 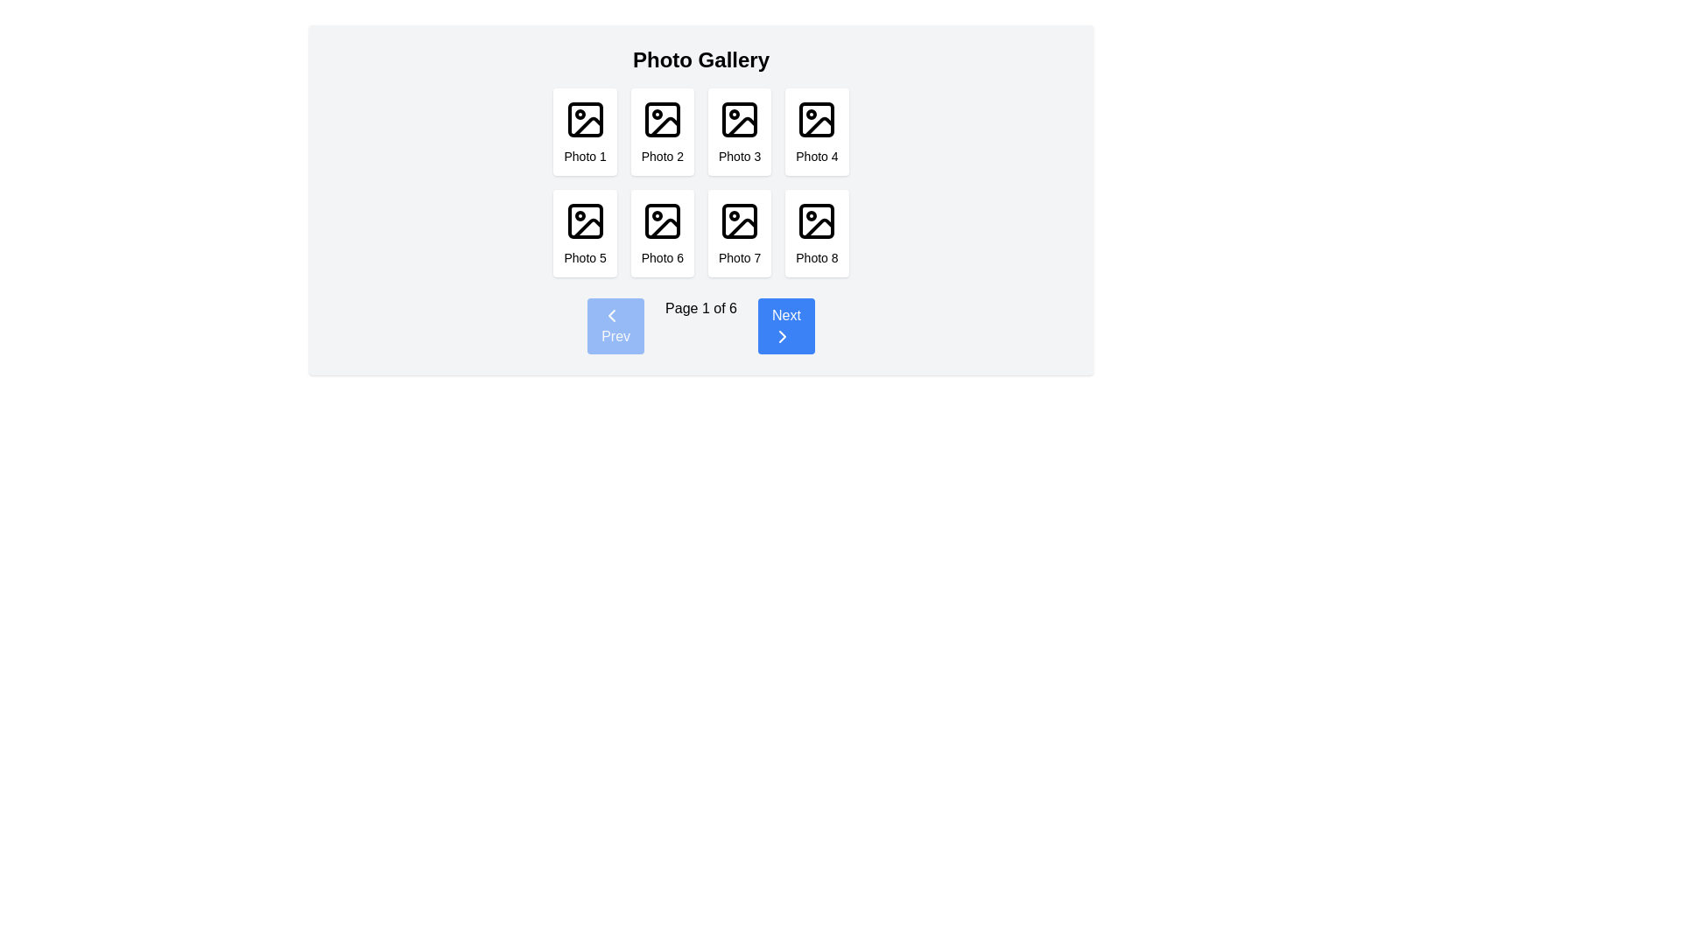 I want to click on text label 'Photo 6' which is styled with a small and medium font weight and is located below the image placeholder in the 'Photo Gallery' layout, specifically in the sixth position of the grid, so click(x=661, y=257).